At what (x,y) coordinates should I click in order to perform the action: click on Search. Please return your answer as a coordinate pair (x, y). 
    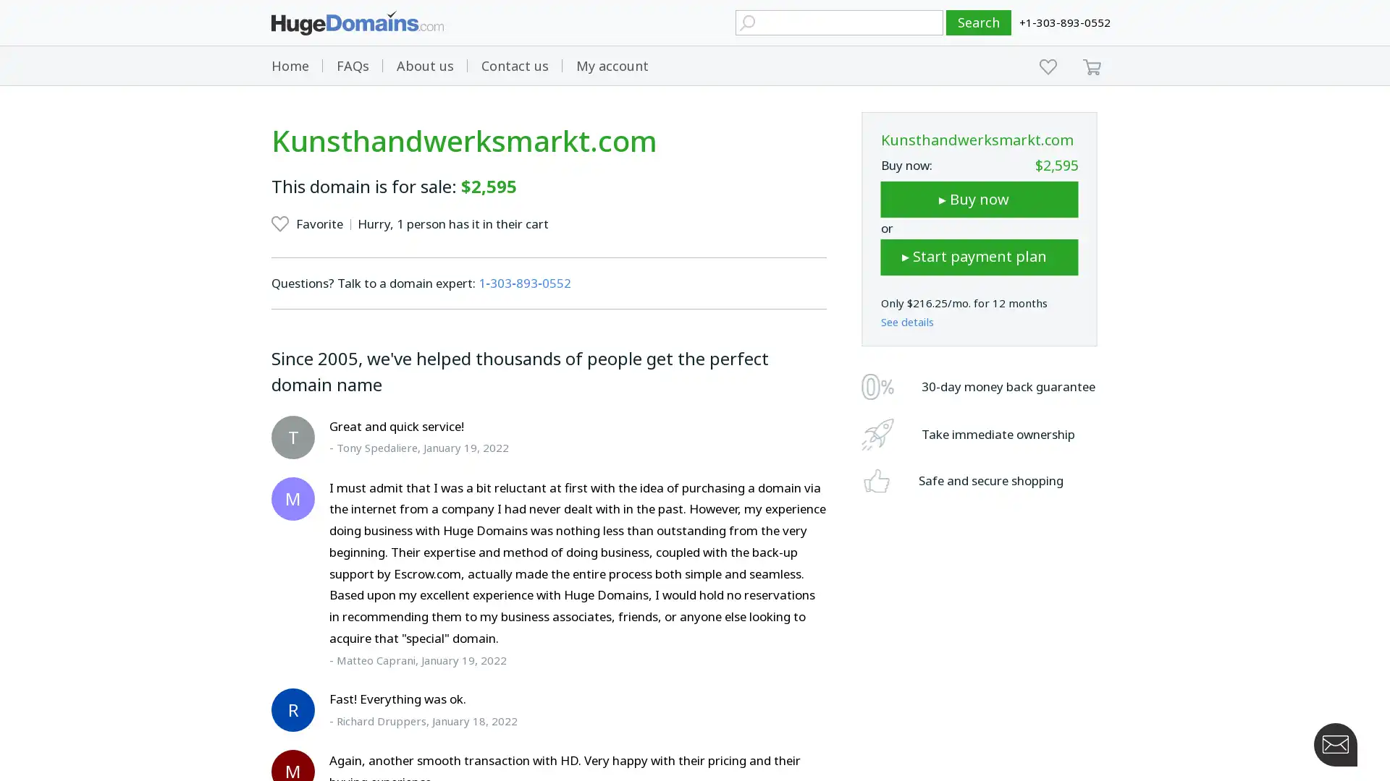
    Looking at the image, I should click on (979, 22).